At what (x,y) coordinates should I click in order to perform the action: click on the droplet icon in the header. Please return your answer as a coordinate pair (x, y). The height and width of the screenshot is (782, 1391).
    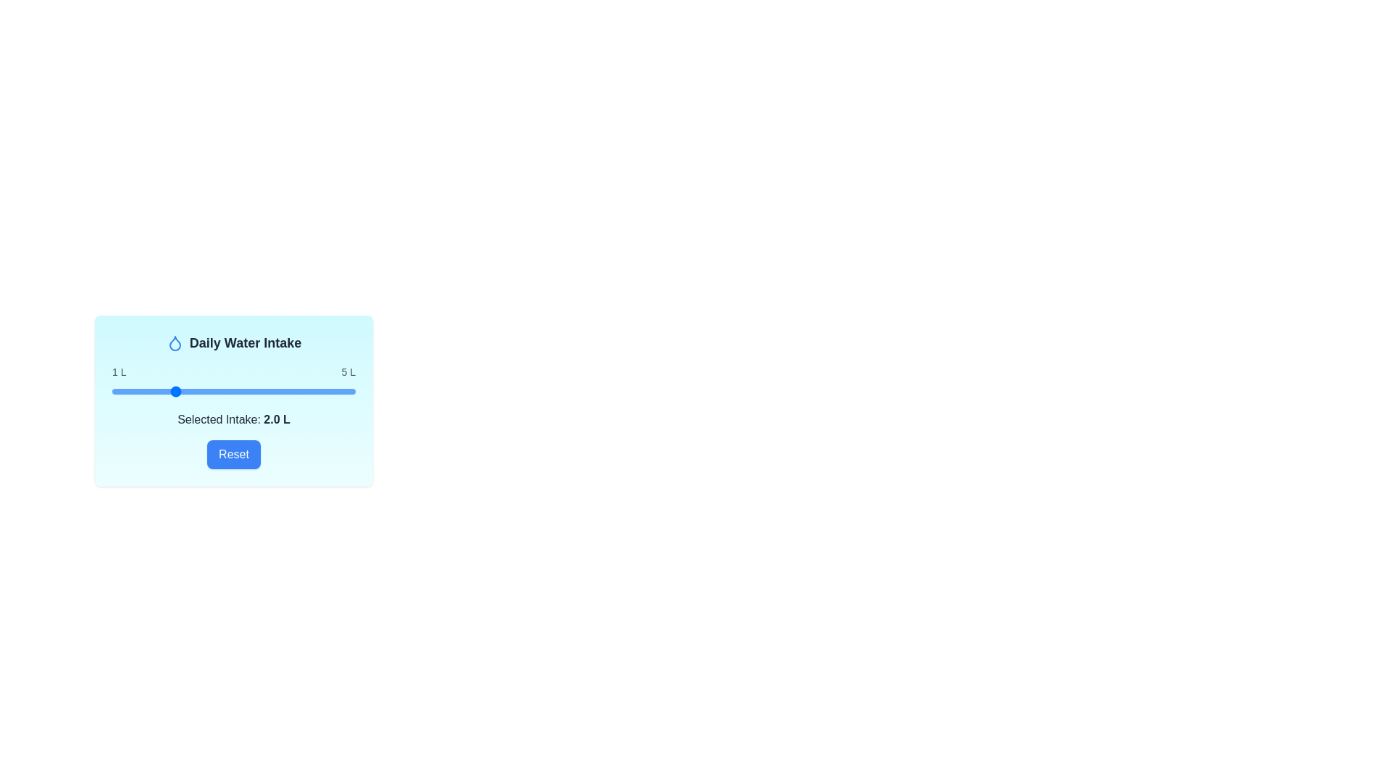
    Looking at the image, I should click on (174, 343).